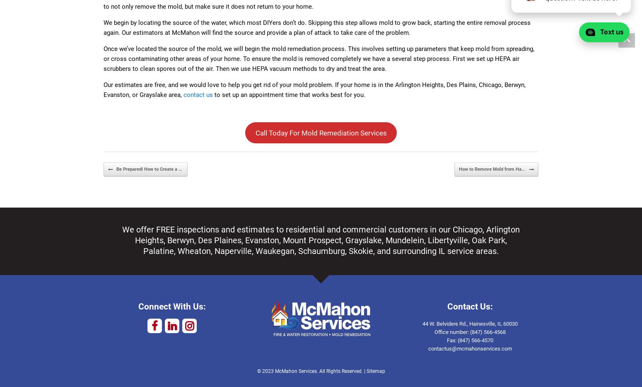 This screenshot has width=642, height=387. I want to click on '2023 McMahon Services. All Rights Reserved. |', so click(314, 371).